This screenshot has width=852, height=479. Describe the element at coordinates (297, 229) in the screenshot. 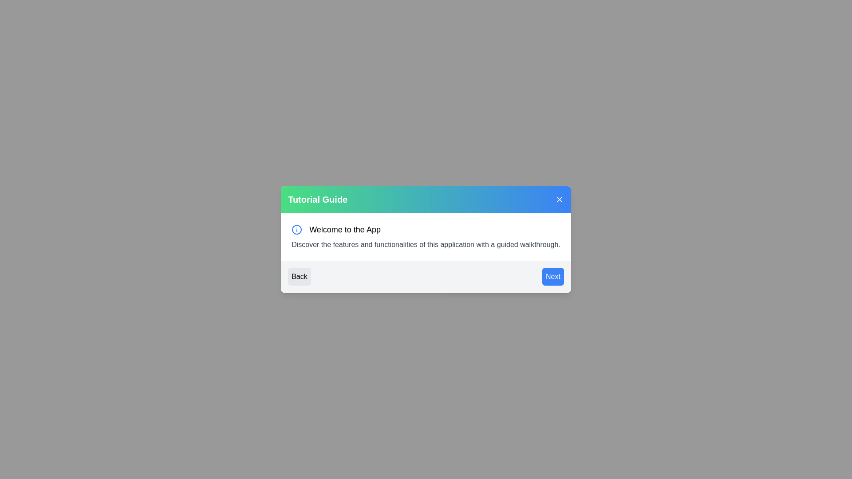

I see `the circular 'info' icon with a blue stroke and white fill, located to the left of the 'Welcome to the App' text in the modal dialog box` at that location.